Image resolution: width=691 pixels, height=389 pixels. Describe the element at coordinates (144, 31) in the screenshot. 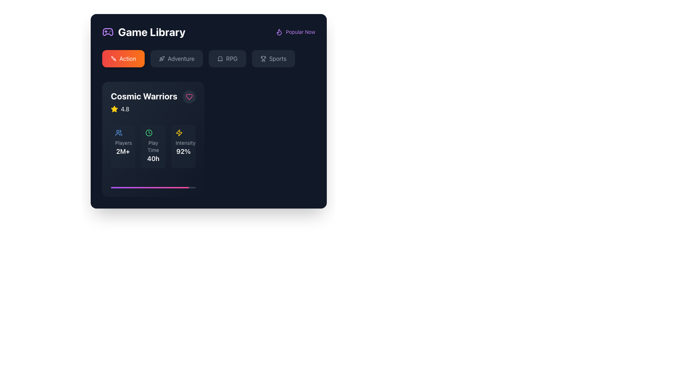

I see `details of the Text and Icon Heading located at the top-left corner of the interface, adjacent to the 'Popular Now' section` at that location.